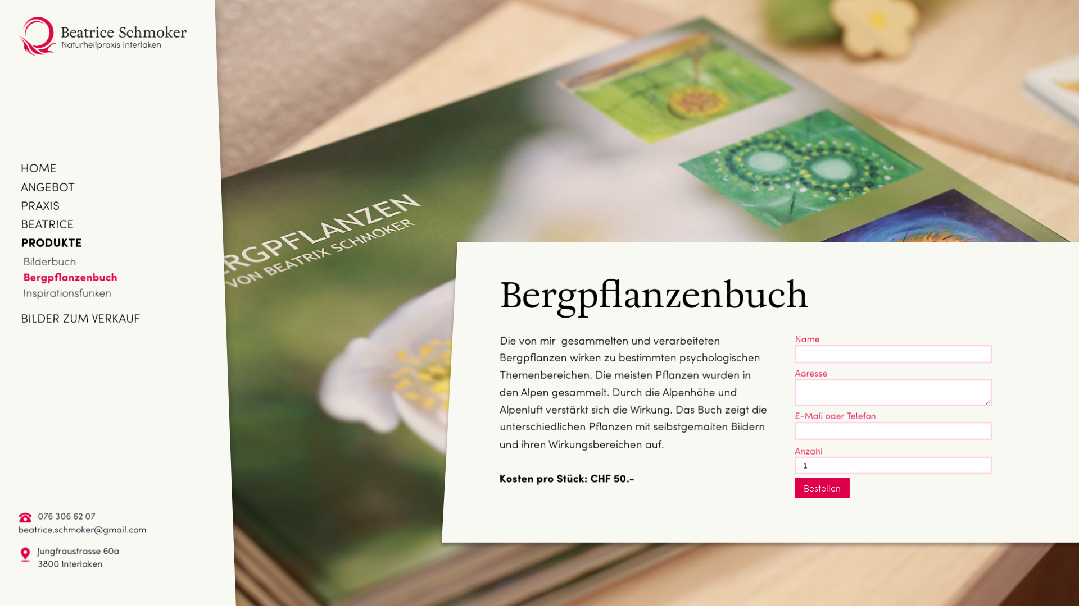 Image resolution: width=1079 pixels, height=606 pixels. Describe the element at coordinates (66, 515) in the screenshot. I see `'076 306 62 07'` at that location.